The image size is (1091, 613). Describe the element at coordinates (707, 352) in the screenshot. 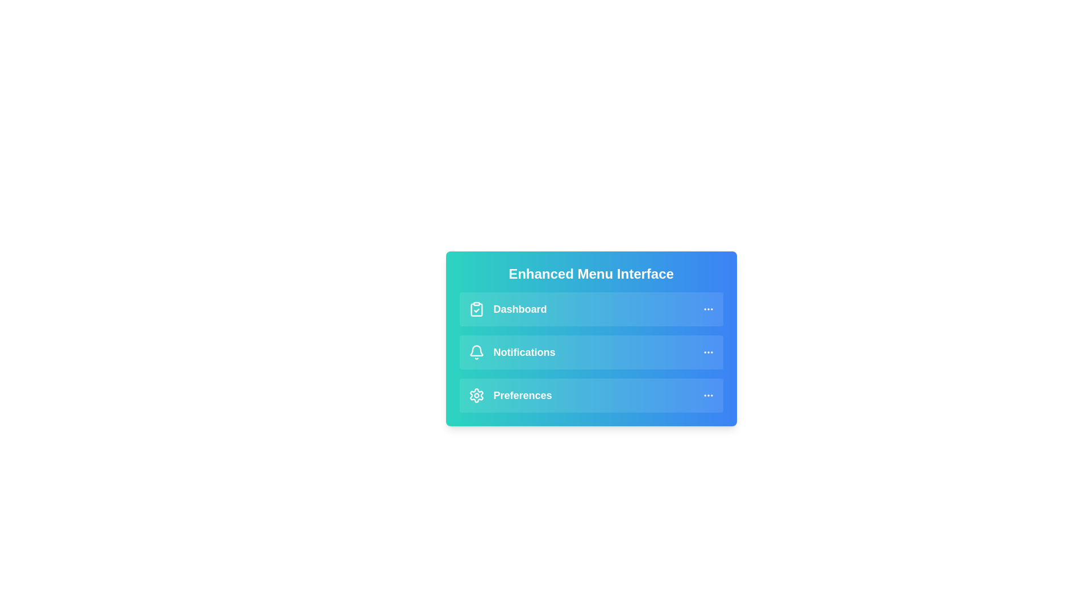

I see `the Menu toggle (ellipsis icon) located to the right of the 'Notifications' text` at that location.